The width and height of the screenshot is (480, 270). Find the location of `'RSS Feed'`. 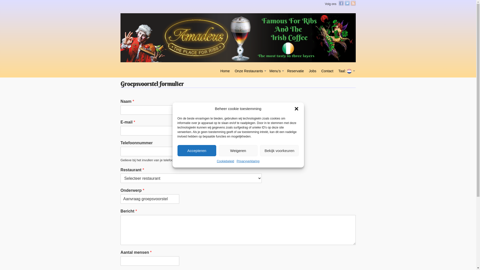

'RSS Feed' is located at coordinates (352, 3).